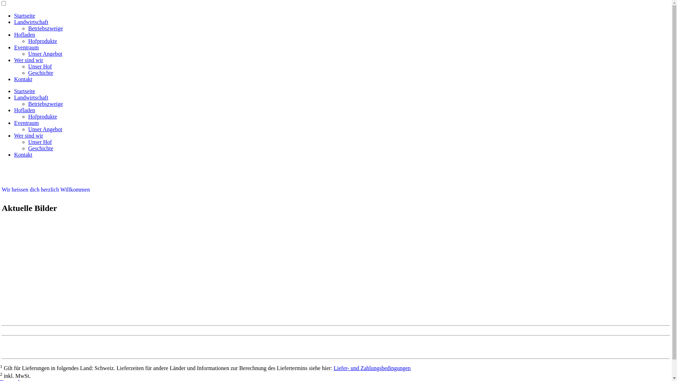 The image size is (677, 381). I want to click on 'Hofladen', so click(14, 110).